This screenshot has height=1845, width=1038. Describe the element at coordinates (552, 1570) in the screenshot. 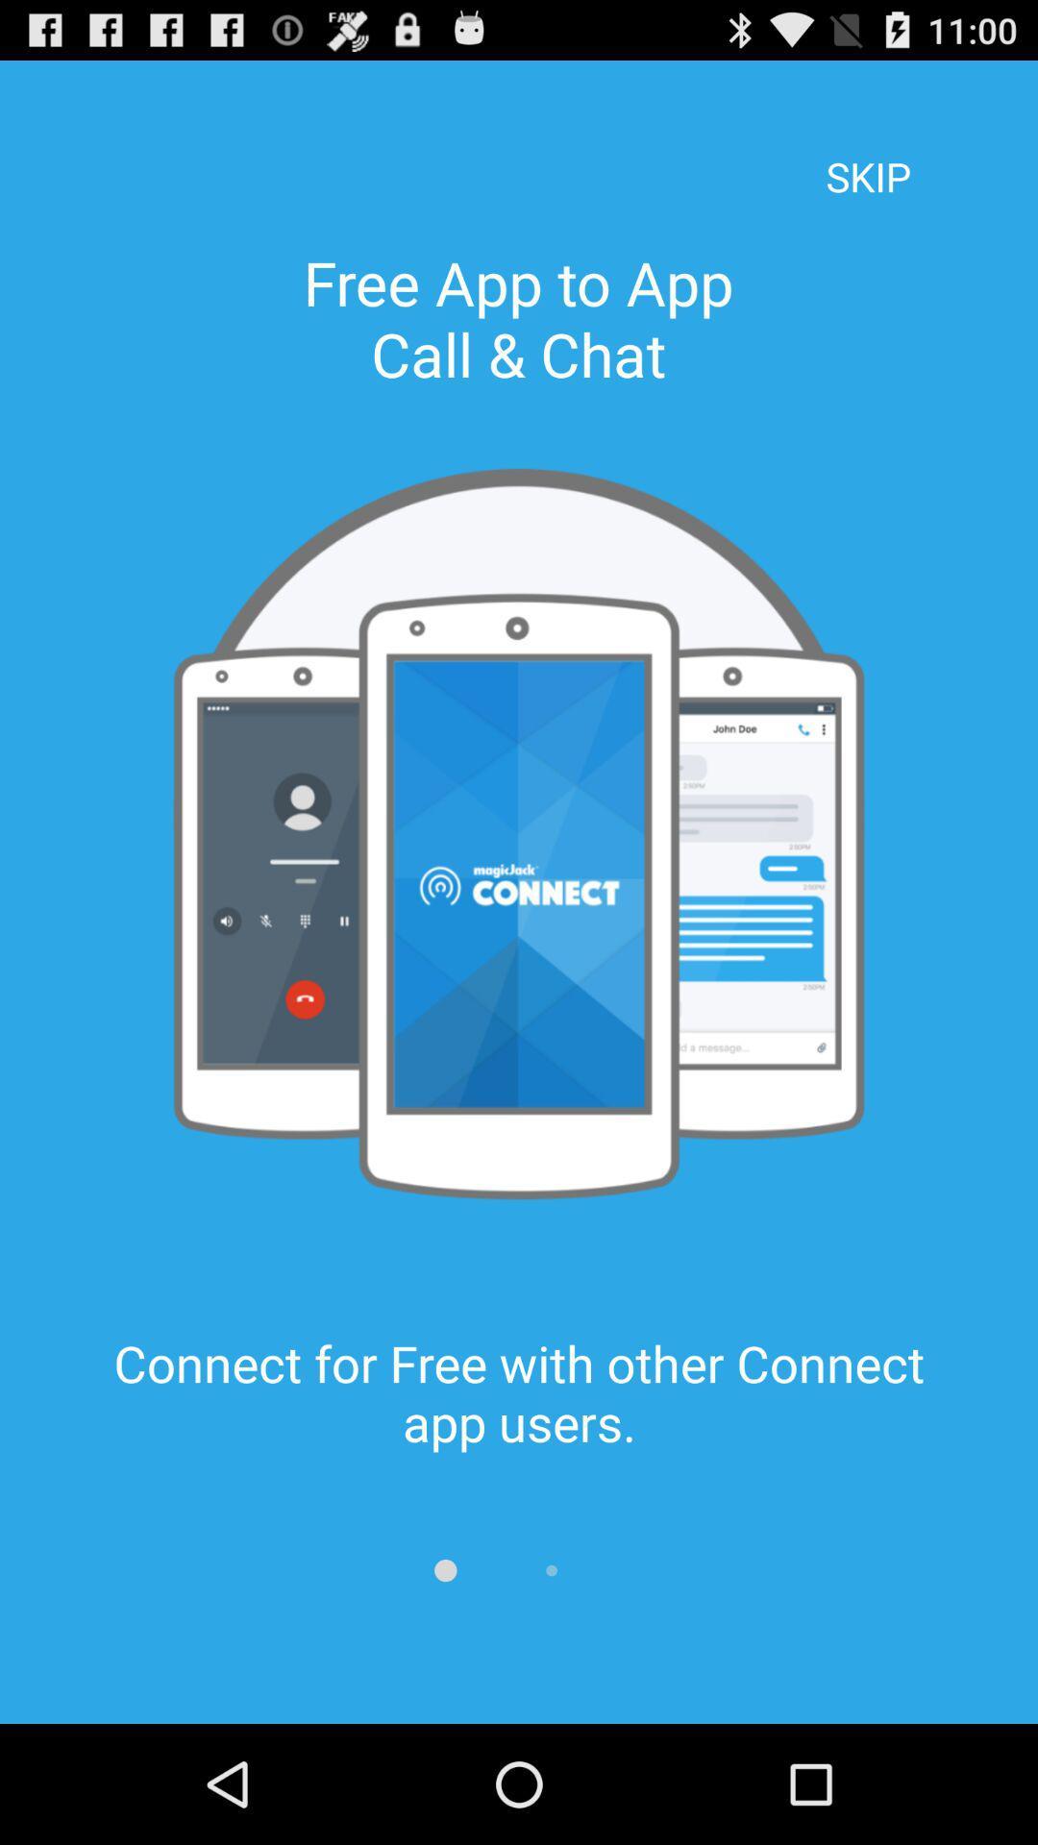

I see `next page` at that location.